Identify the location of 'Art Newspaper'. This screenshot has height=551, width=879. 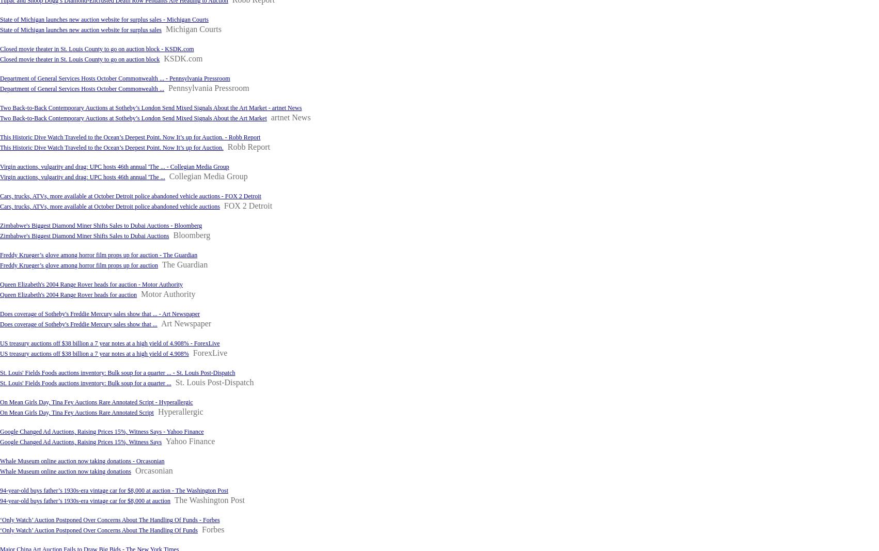
(185, 323).